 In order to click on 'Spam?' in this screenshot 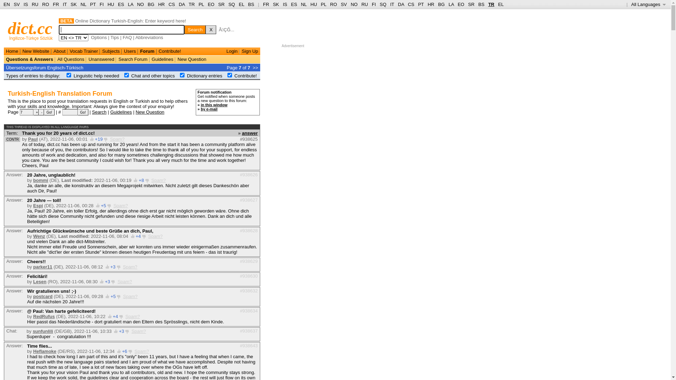, I will do `click(130, 296)`.